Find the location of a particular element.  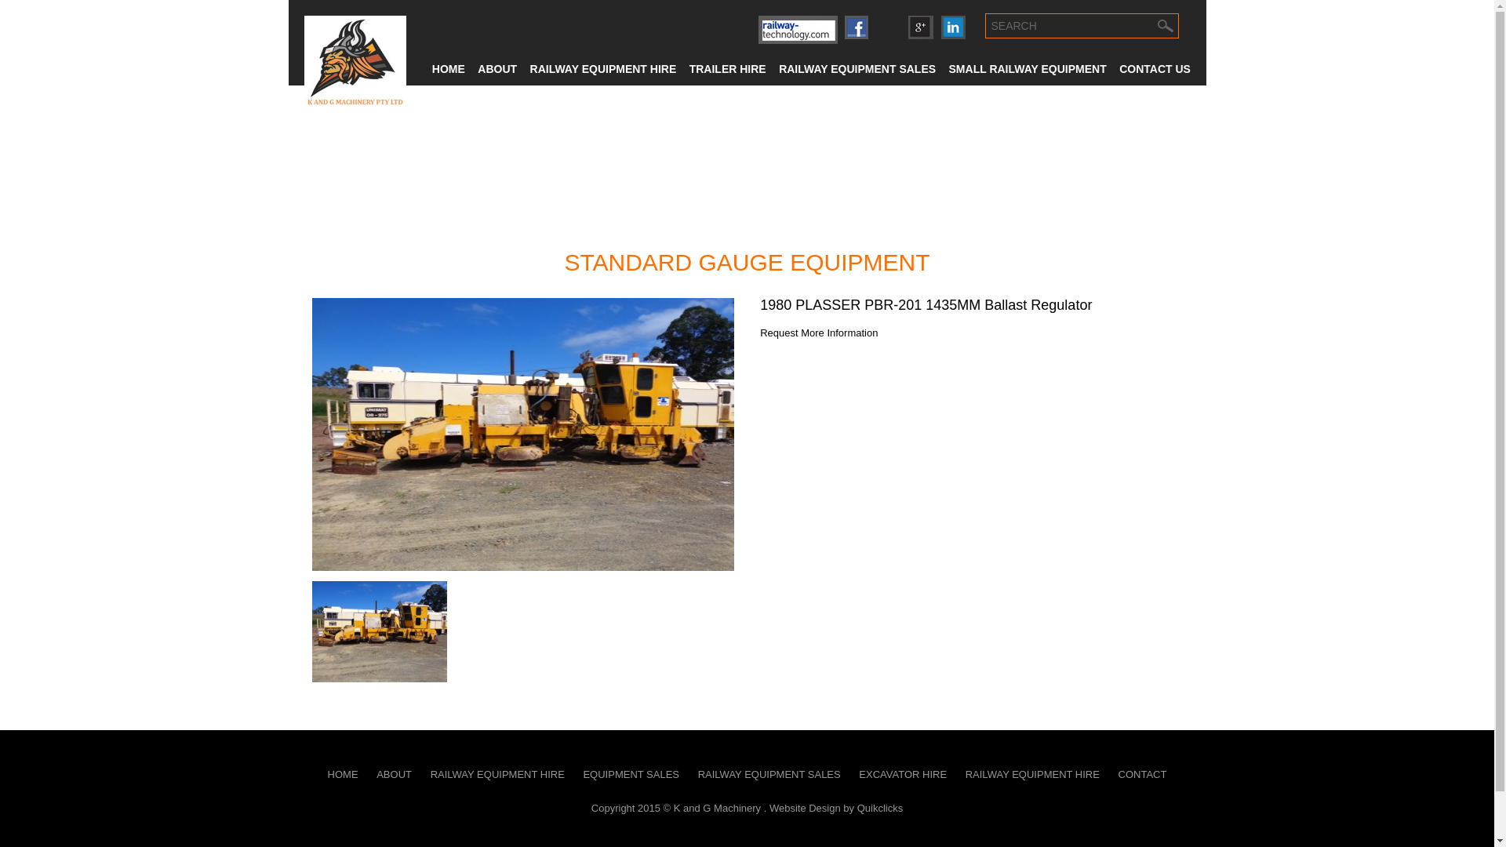

'RAILWAY EQUIPMENT HIRE' is located at coordinates (422, 773).